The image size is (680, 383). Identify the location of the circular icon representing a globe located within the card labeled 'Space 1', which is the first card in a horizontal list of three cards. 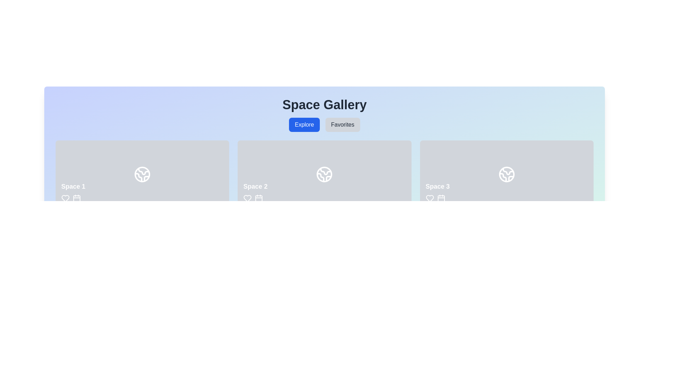
(142, 174).